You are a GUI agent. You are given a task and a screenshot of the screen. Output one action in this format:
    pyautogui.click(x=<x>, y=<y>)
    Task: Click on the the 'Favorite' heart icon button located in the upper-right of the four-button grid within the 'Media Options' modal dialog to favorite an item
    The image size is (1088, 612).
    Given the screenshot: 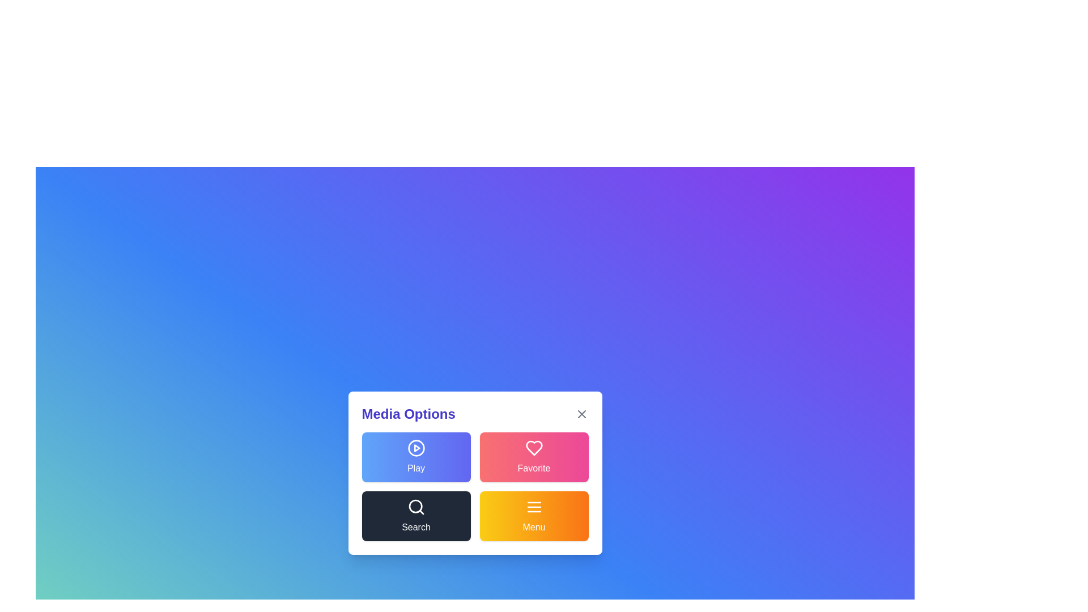 What is the action you would take?
    pyautogui.click(x=533, y=447)
    